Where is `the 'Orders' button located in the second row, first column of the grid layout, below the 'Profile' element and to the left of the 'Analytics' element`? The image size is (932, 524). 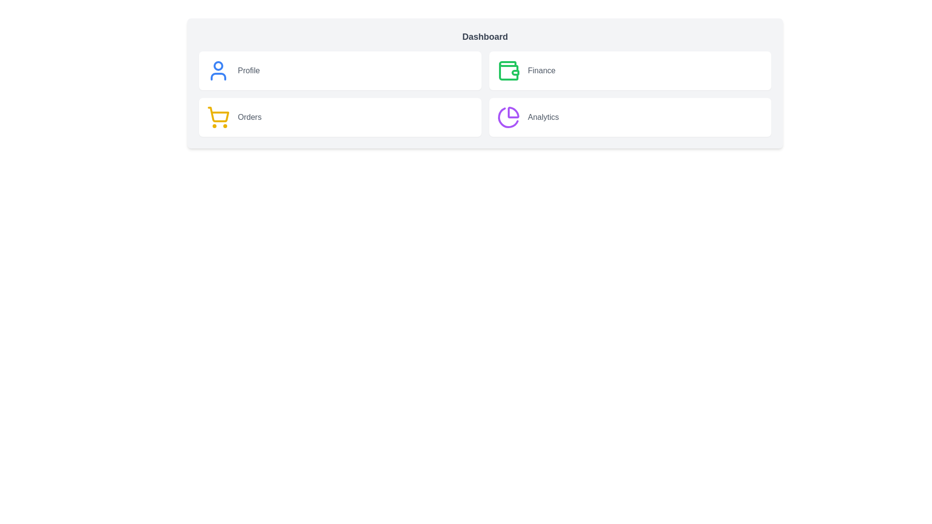
the 'Orders' button located in the second row, first column of the grid layout, below the 'Profile' element and to the left of the 'Analytics' element is located at coordinates (340, 117).